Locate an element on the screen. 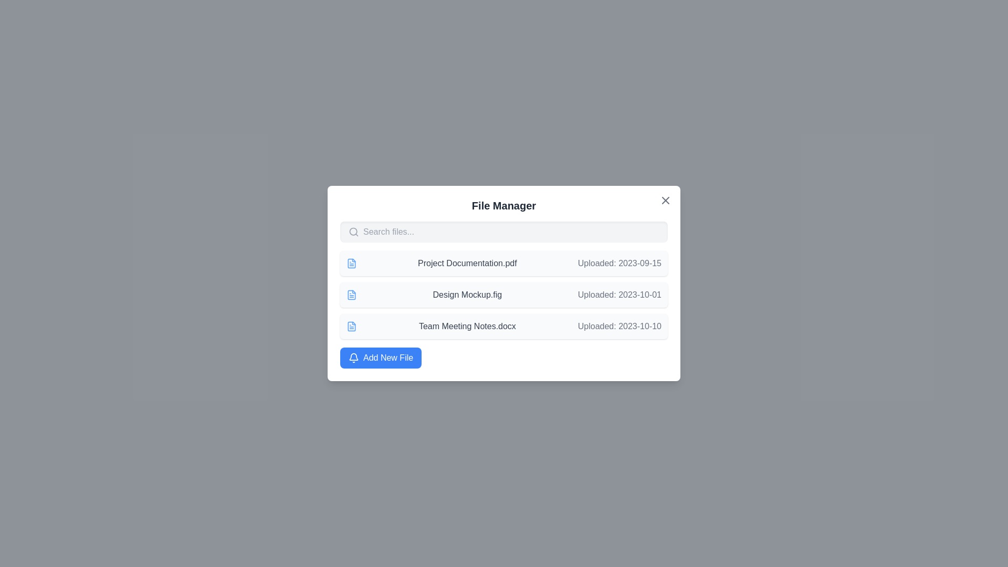  to select the first file entry in the file manager interface, which displays the file name and upload date is located at coordinates (504, 262).